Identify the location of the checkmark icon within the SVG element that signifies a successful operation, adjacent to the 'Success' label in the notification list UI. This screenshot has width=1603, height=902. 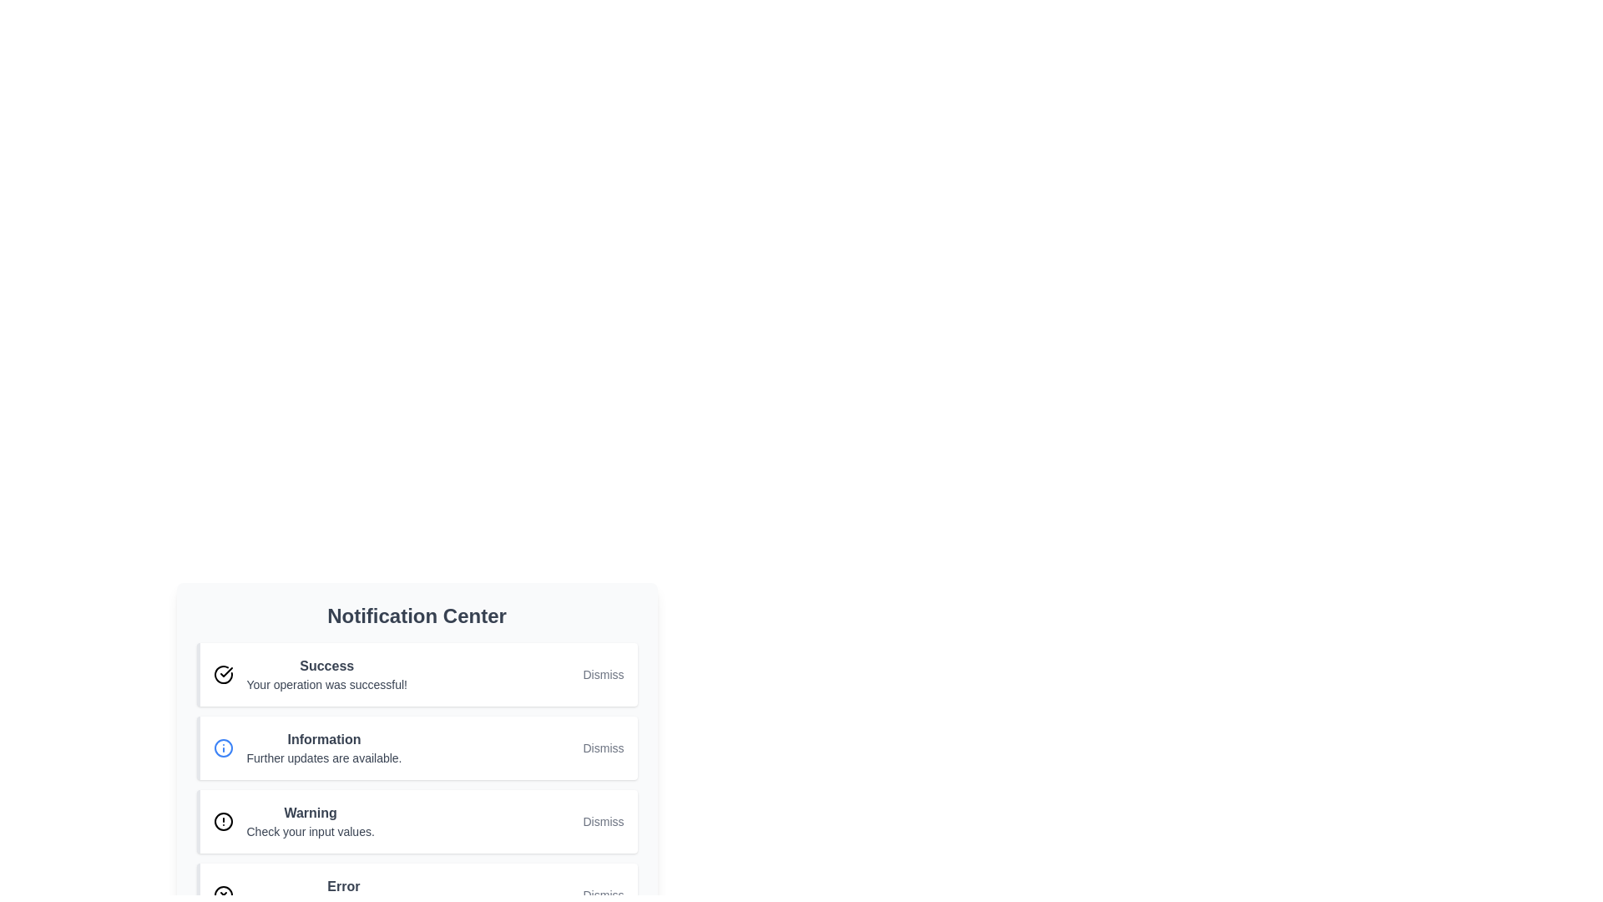
(225, 671).